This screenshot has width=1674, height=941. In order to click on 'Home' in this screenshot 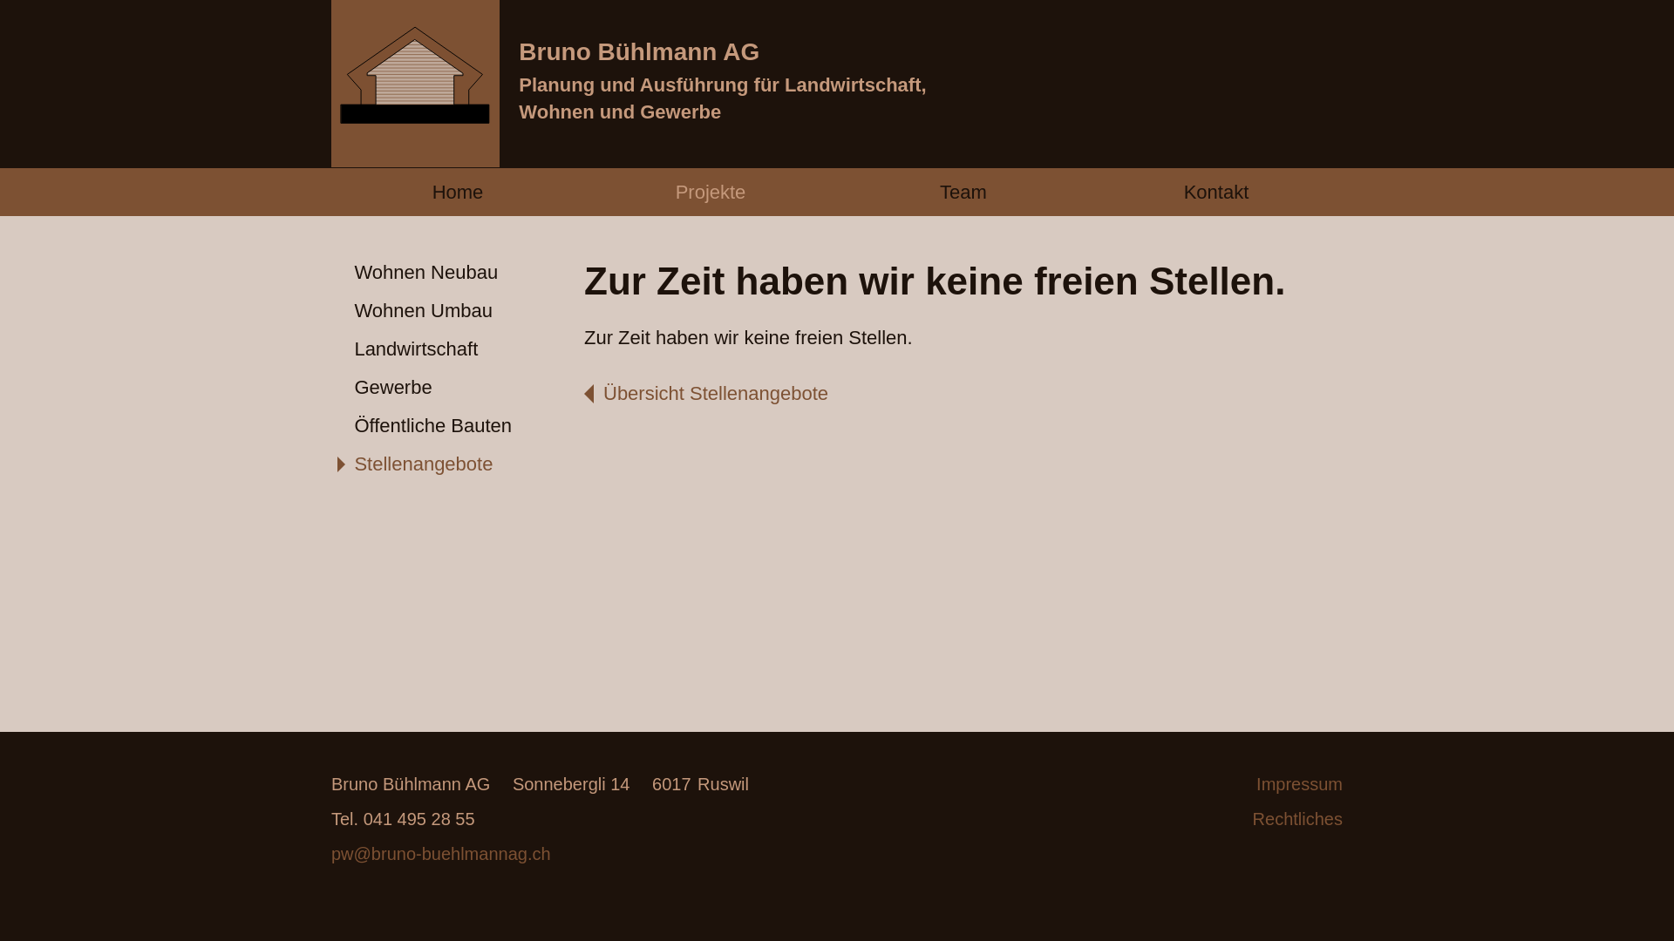, I will do `click(457, 192)`.